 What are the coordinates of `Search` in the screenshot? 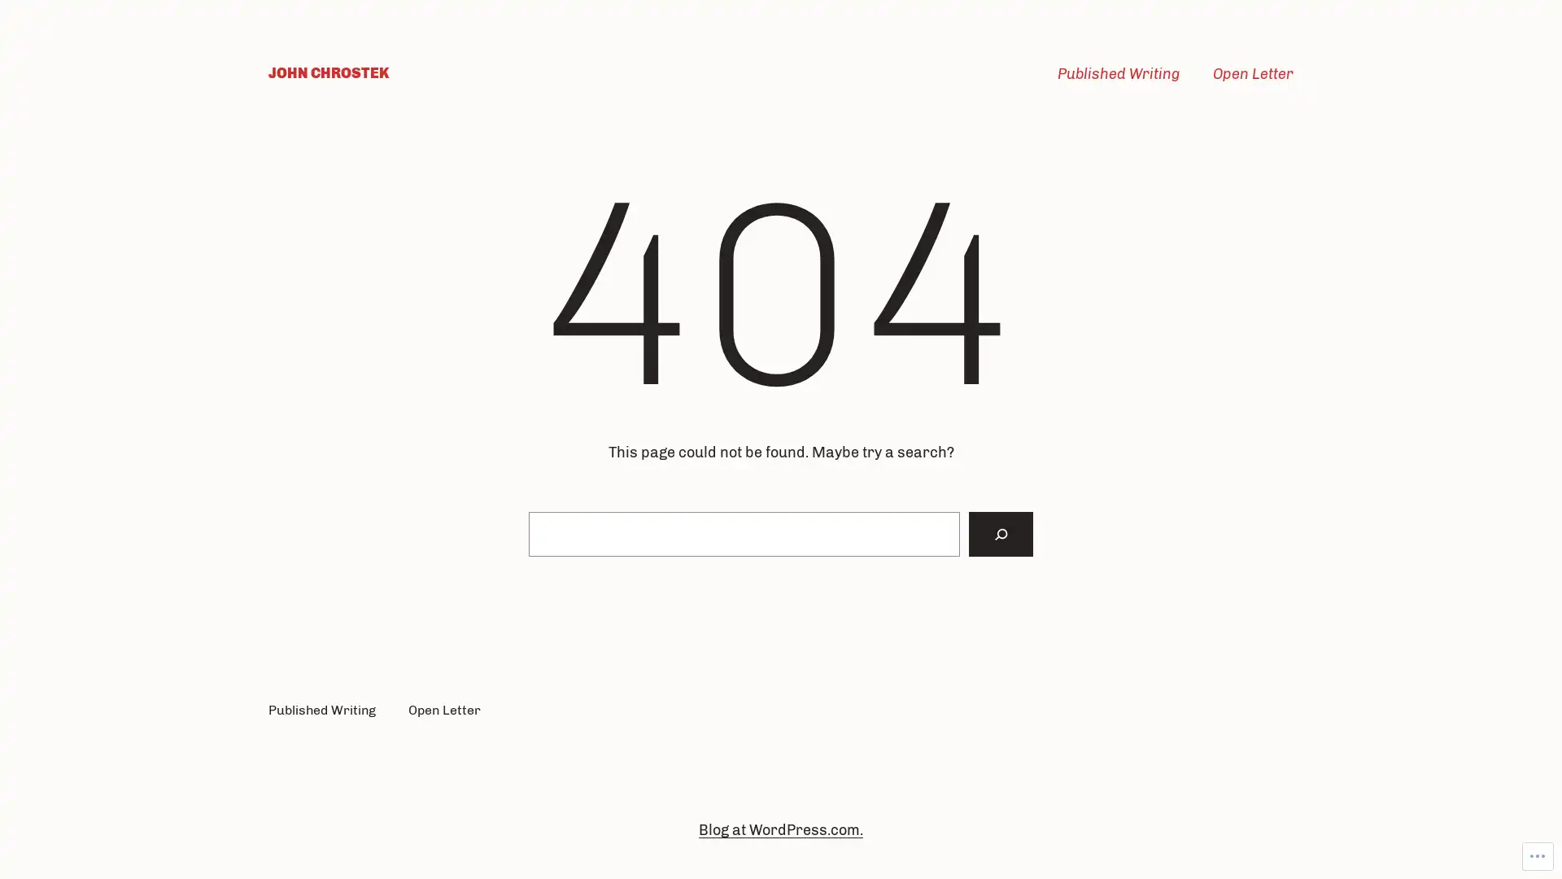 It's located at (1000, 534).